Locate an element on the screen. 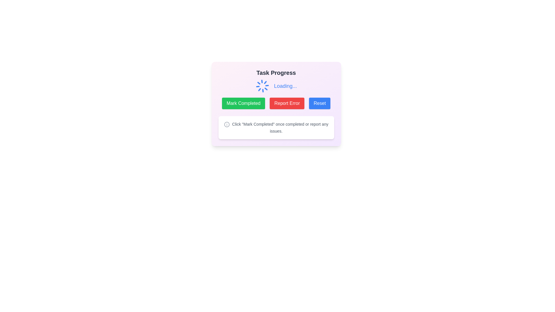 This screenshot has height=312, width=555. the 'Report Error' button is located at coordinates (287, 103).